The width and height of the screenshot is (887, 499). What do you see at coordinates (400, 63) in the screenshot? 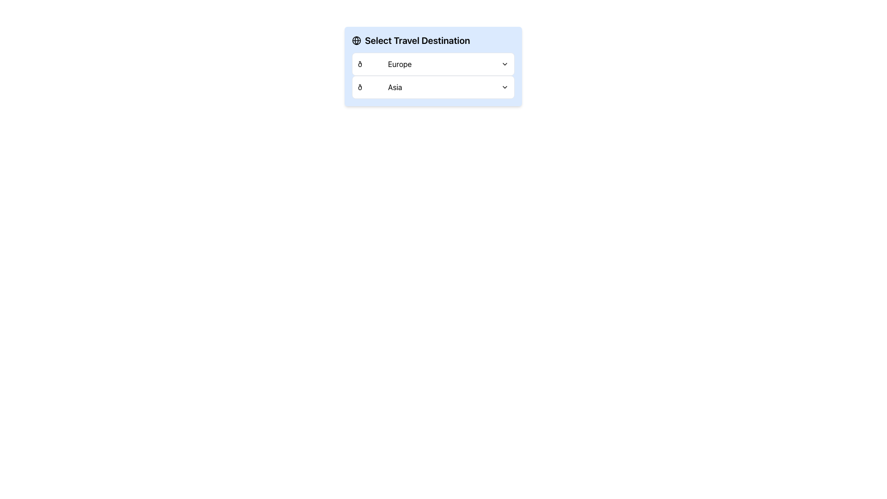
I see `the text label displaying 'Europe' in black font, located in the first row of the selection menu under 'Select Travel Destination'` at bounding box center [400, 63].